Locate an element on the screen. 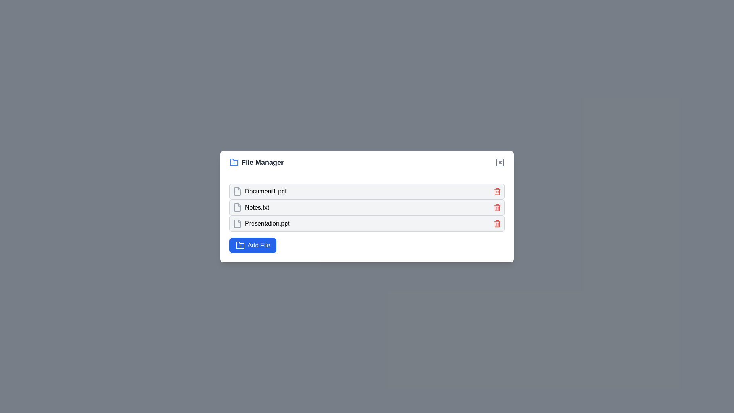 This screenshot has height=413, width=734. the icon representing the file 'Presentation.ppt' is located at coordinates (237, 223).